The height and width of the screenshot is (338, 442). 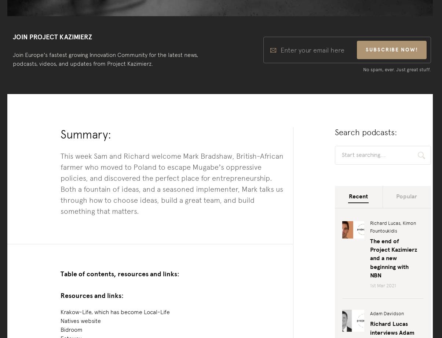 What do you see at coordinates (114, 311) in the screenshot?
I see `'Krakow-Life, which has become Local-Life'` at bounding box center [114, 311].